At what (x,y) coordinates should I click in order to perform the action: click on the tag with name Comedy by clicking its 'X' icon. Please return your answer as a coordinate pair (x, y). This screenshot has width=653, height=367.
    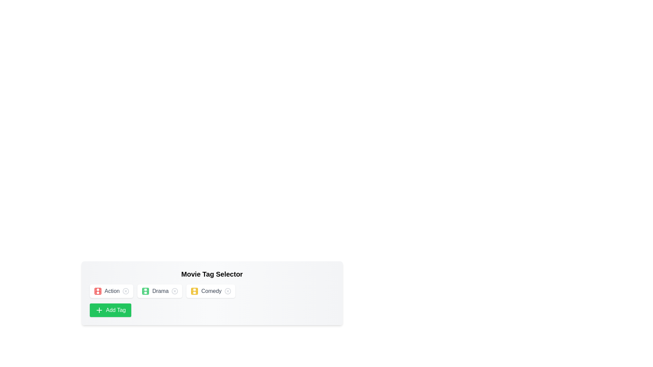
    Looking at the image, I should click on (228, 291).